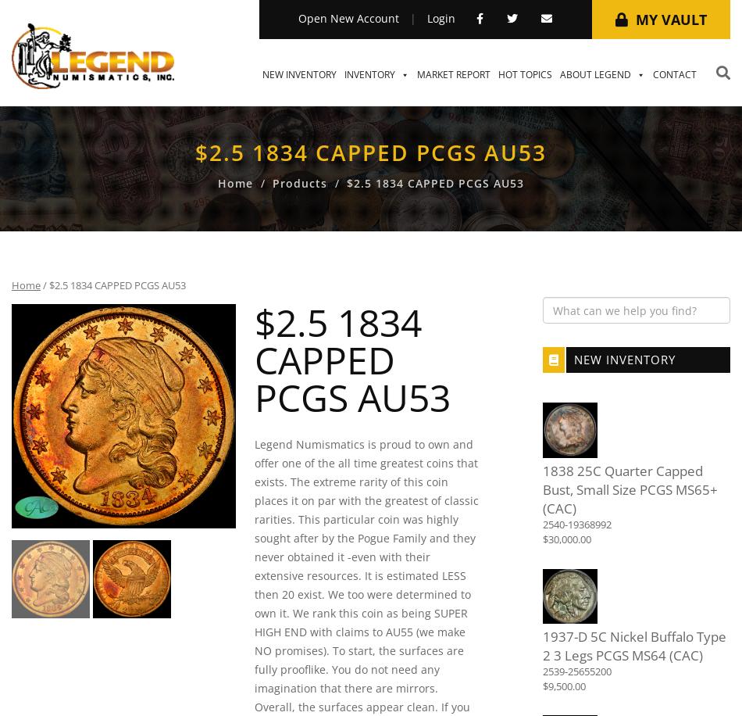  What do you see at coordinates (364, 411) in the screenshot?
I see `'2,750.00'` at bounding box center [364, 411].